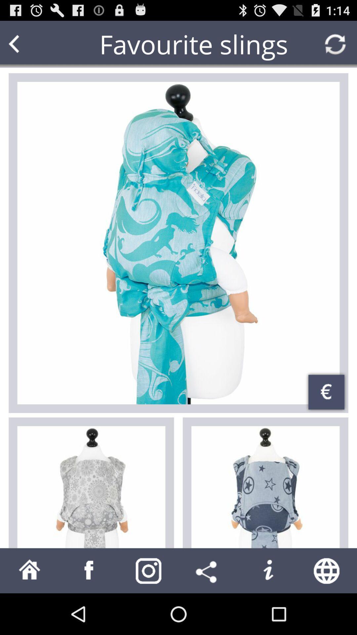 This screenshot has width=357, height=635. What do you see at coordinates (335, 44) in the screenshot?
I see `refresh page` at bounding box center [335, 44].